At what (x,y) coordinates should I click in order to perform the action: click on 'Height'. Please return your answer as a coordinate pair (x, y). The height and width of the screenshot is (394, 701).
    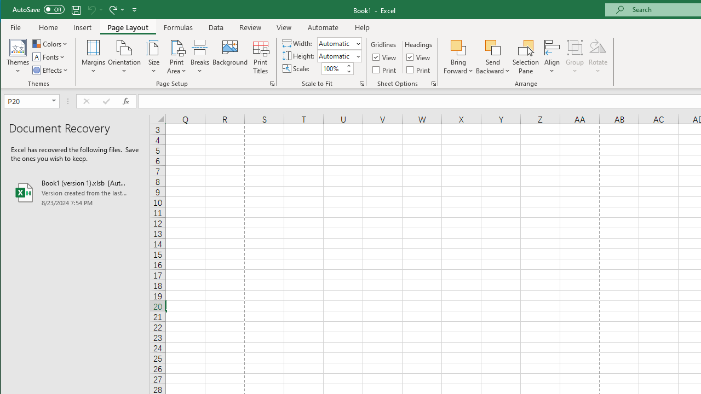
    Looking at the image, I should click on (338, 56).